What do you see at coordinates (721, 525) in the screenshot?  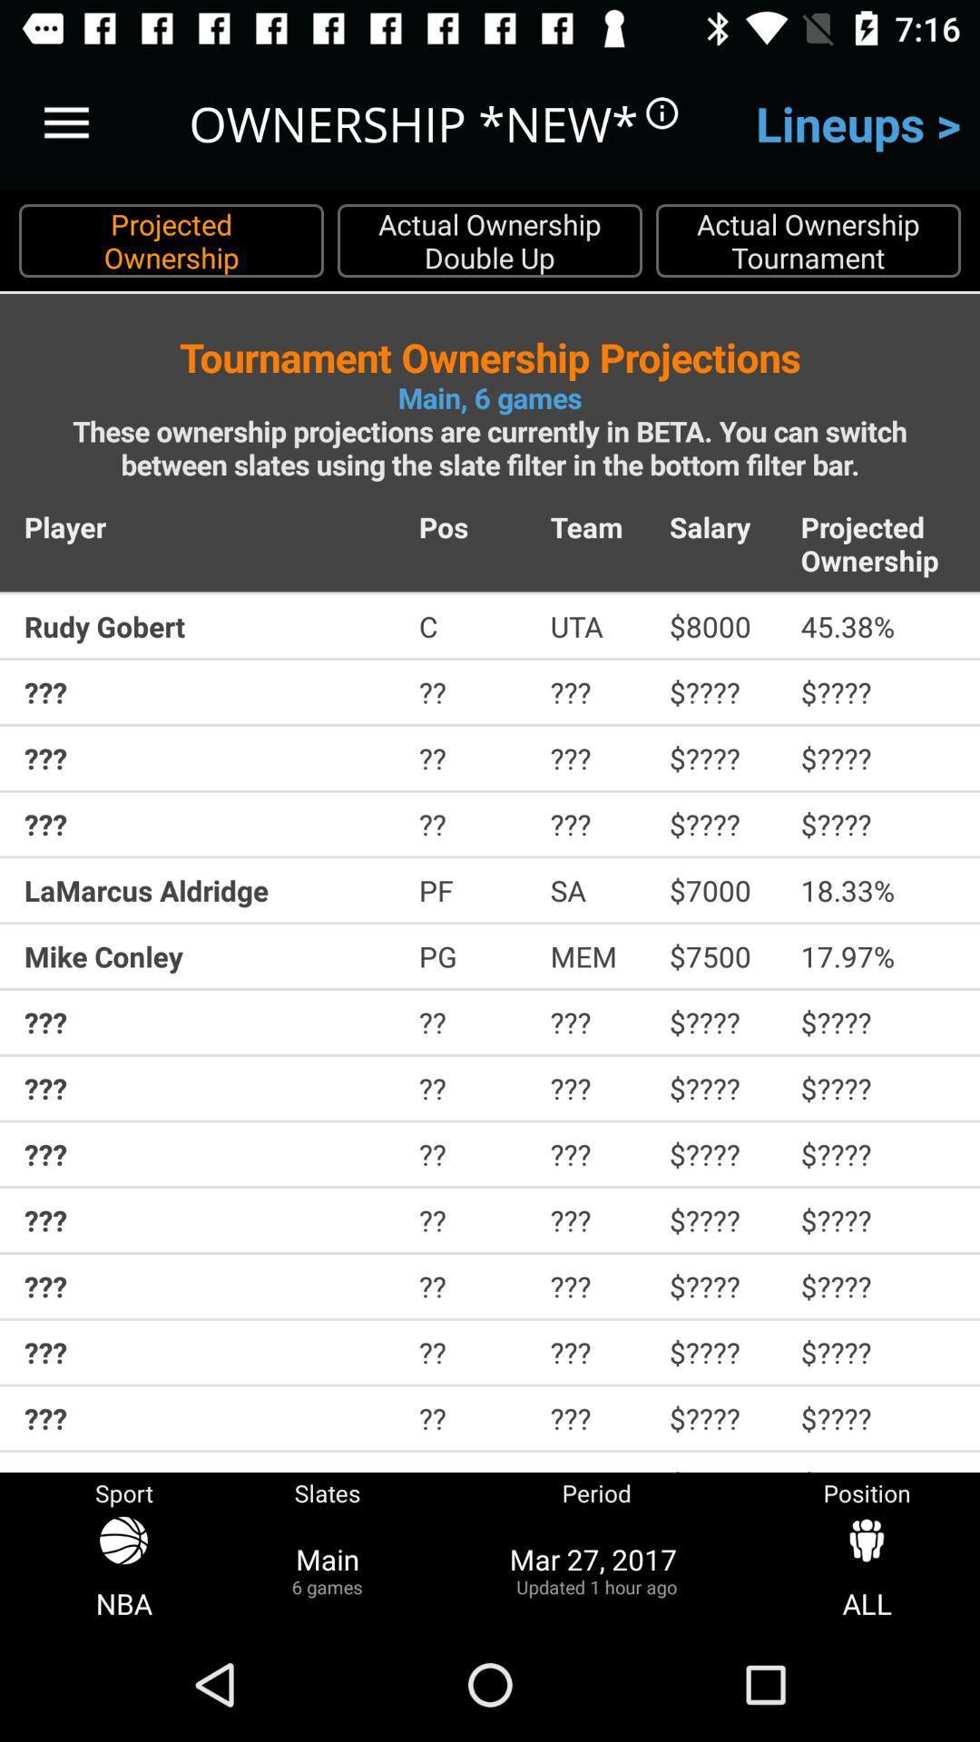 I see `salary icon` at bounding box center [721, 525].